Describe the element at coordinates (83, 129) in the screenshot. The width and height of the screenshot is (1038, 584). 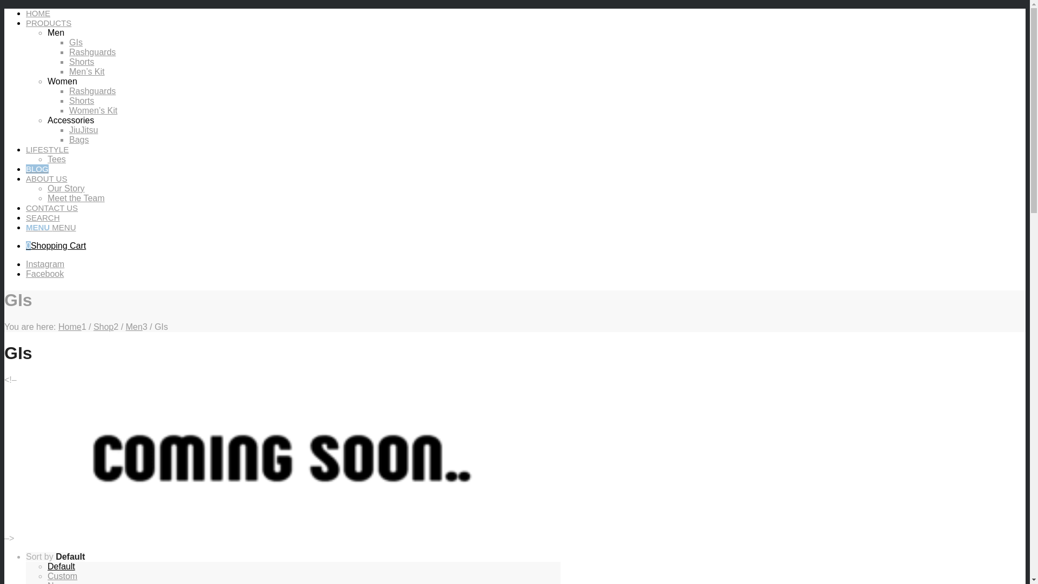
I see `'JiuJitsu'` at that location.